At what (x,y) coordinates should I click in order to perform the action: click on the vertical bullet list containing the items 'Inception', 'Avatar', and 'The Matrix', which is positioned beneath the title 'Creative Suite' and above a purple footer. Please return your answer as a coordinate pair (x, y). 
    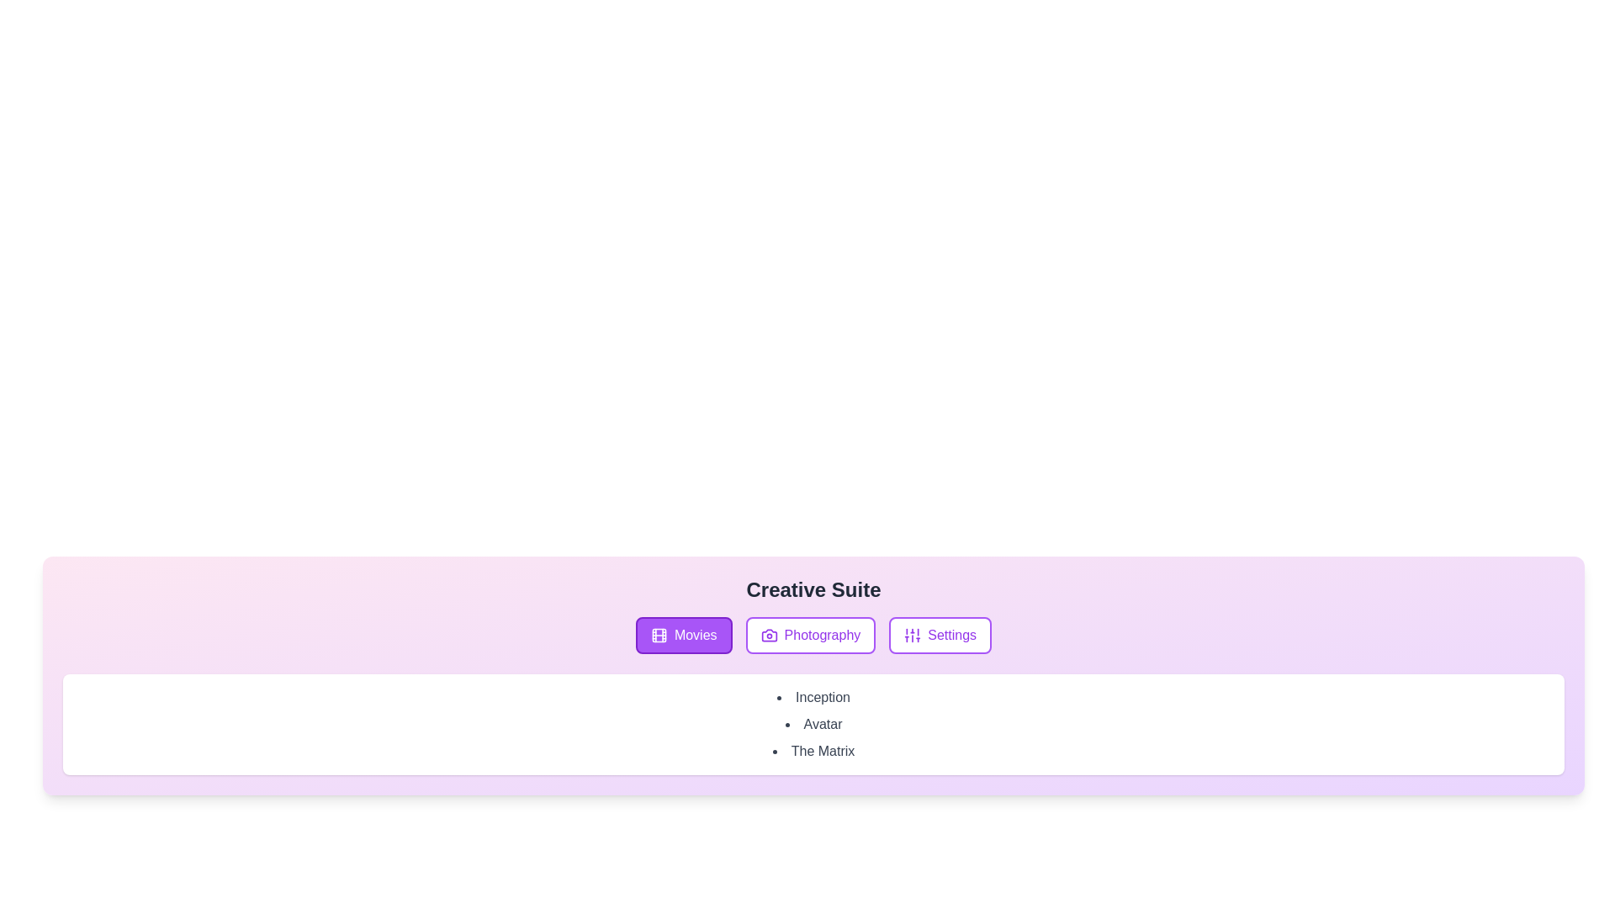
    Looking at the image, I should click on (813, 723).